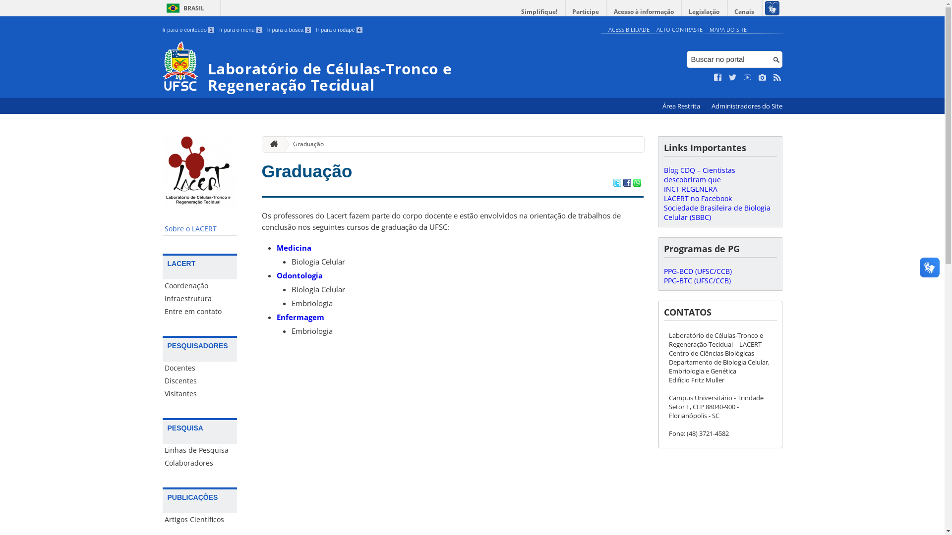 This screenshot has width=952, height=535. Describe the element at coordinates (679, 29) in the screenshot. I see `'ALTO CONTRASTE'` at that location.